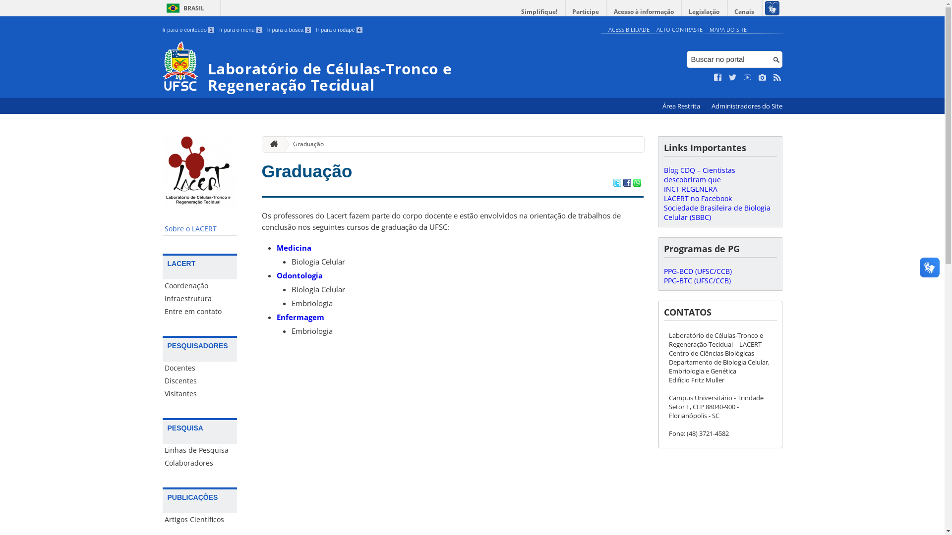 This screenshot has width=952, height=535. Describe the element at coordinates (679, 29) in the screenshot. I see `'ALTO CONTRASTE'` at that location.